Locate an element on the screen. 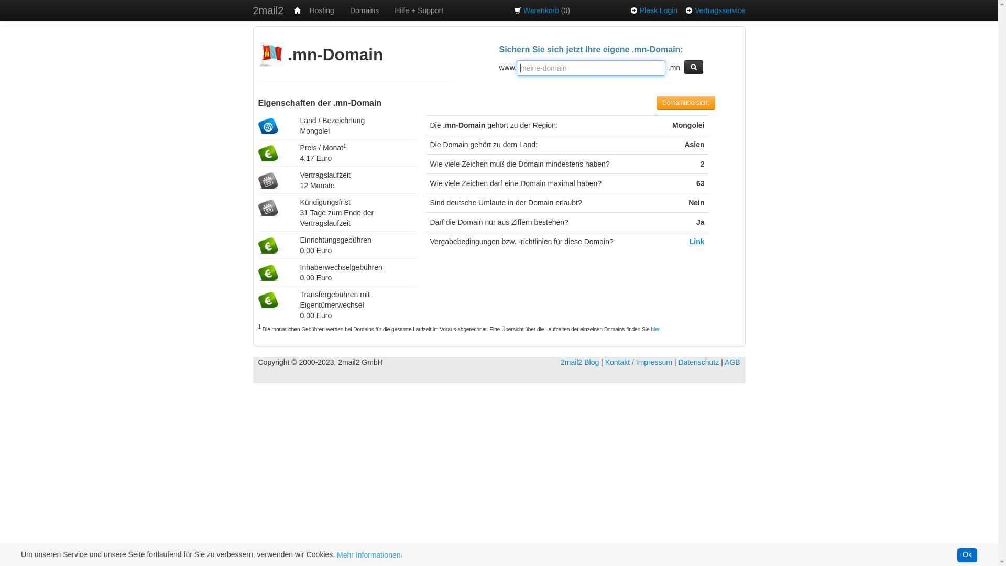  'Plesk Login' is located at coordinates (658, 10).